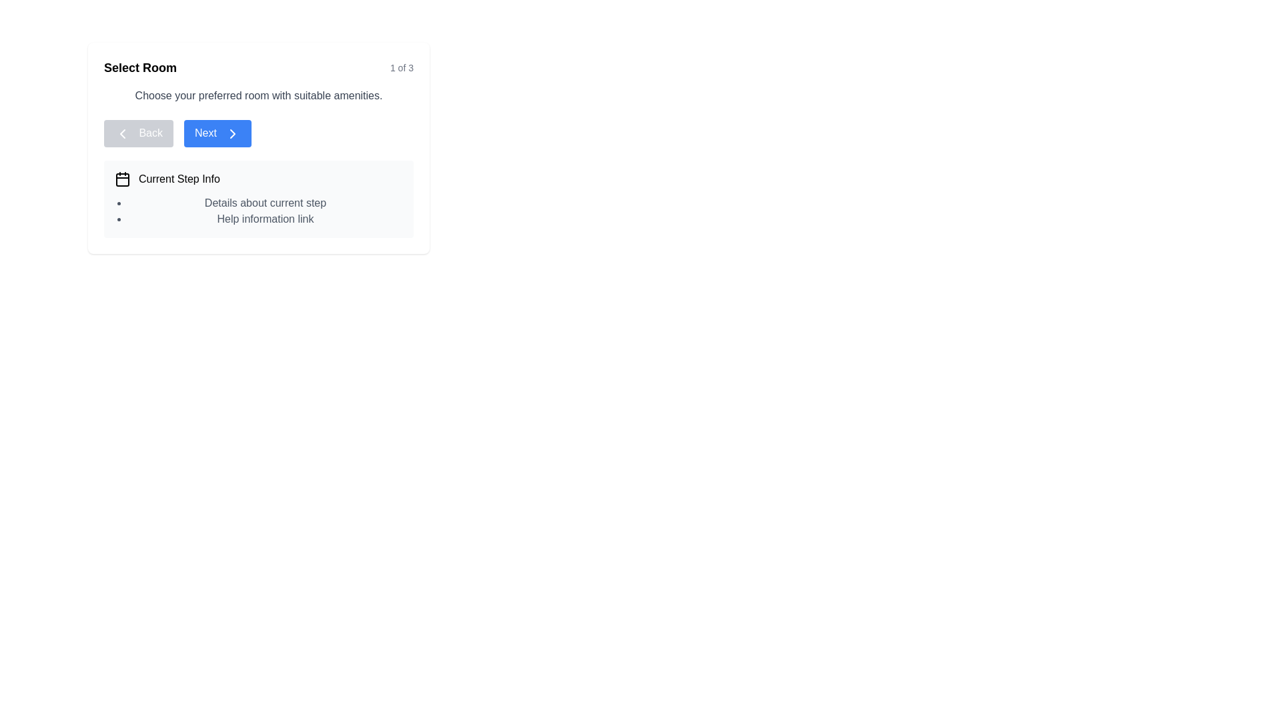 The height and width of the screenshot is (720, 1281). I want to click on text label providing supplementary information regarding the current step of the process, located under the heading 'Current Step Info' as the first item in the bullet-point list, so click(266, 203).